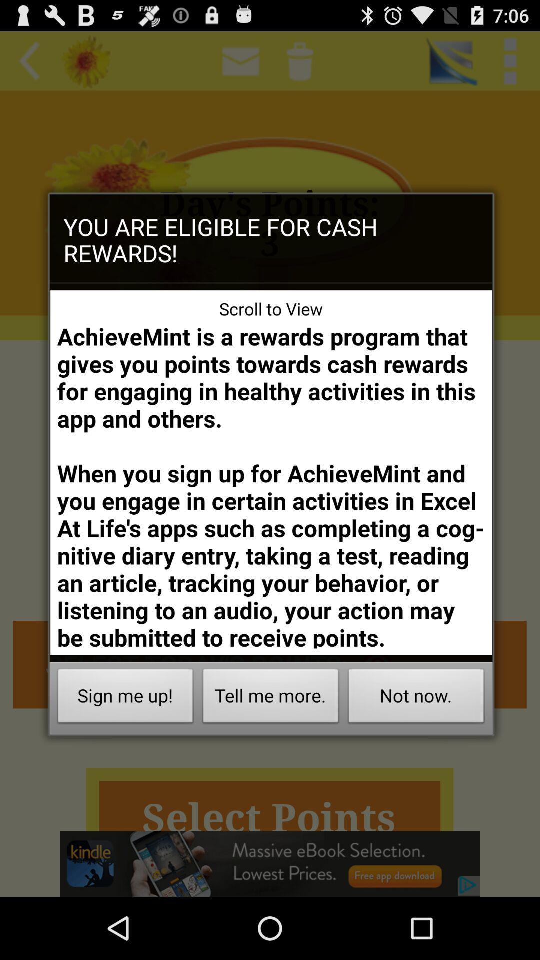 This screenshot has width=540, height=960. Describe the element at coordinates (271, 698) in the screenshot. I see `the tell me more. item` at that location.